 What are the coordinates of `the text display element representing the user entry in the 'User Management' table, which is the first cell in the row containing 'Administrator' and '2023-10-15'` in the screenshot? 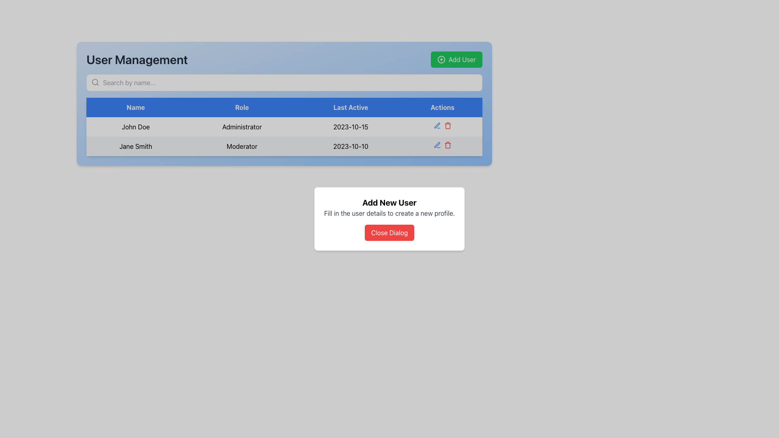 It's located at (136, 127).